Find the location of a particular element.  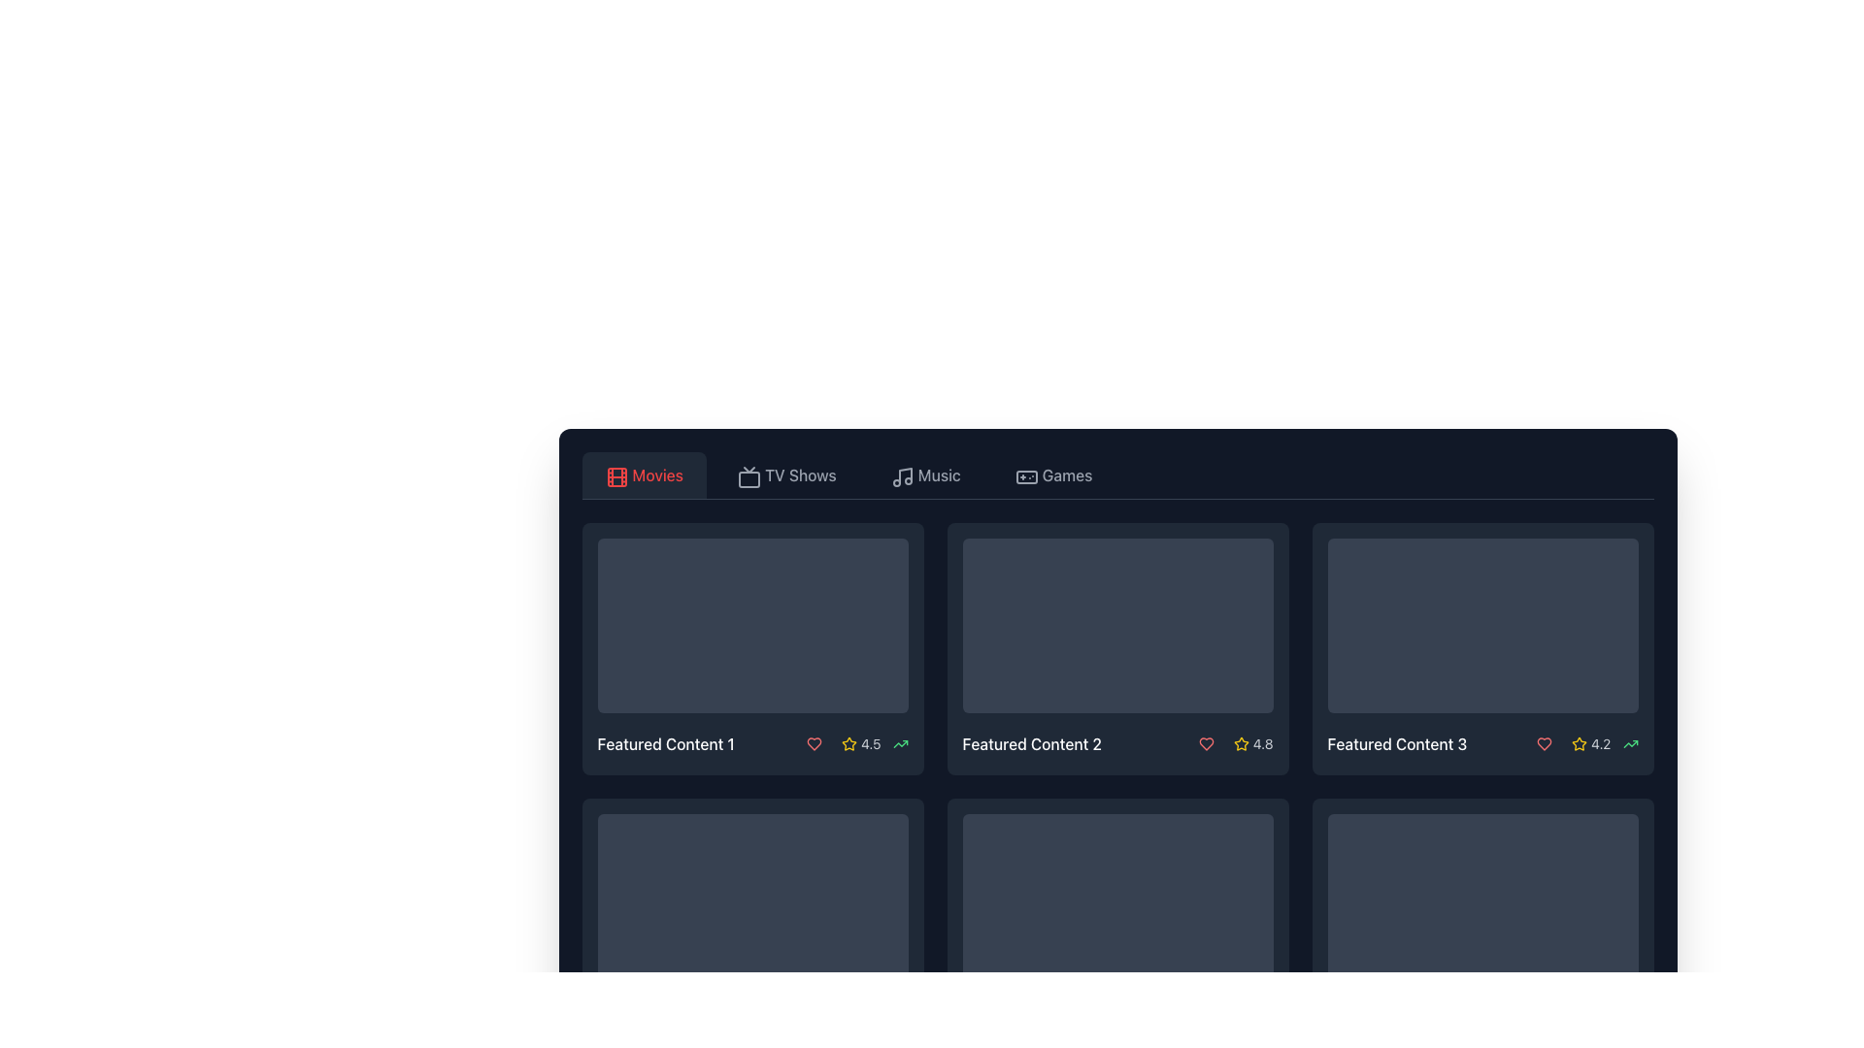

the informational bar displaying 'Featured Content 2' is located at coordinates (1117, 743).